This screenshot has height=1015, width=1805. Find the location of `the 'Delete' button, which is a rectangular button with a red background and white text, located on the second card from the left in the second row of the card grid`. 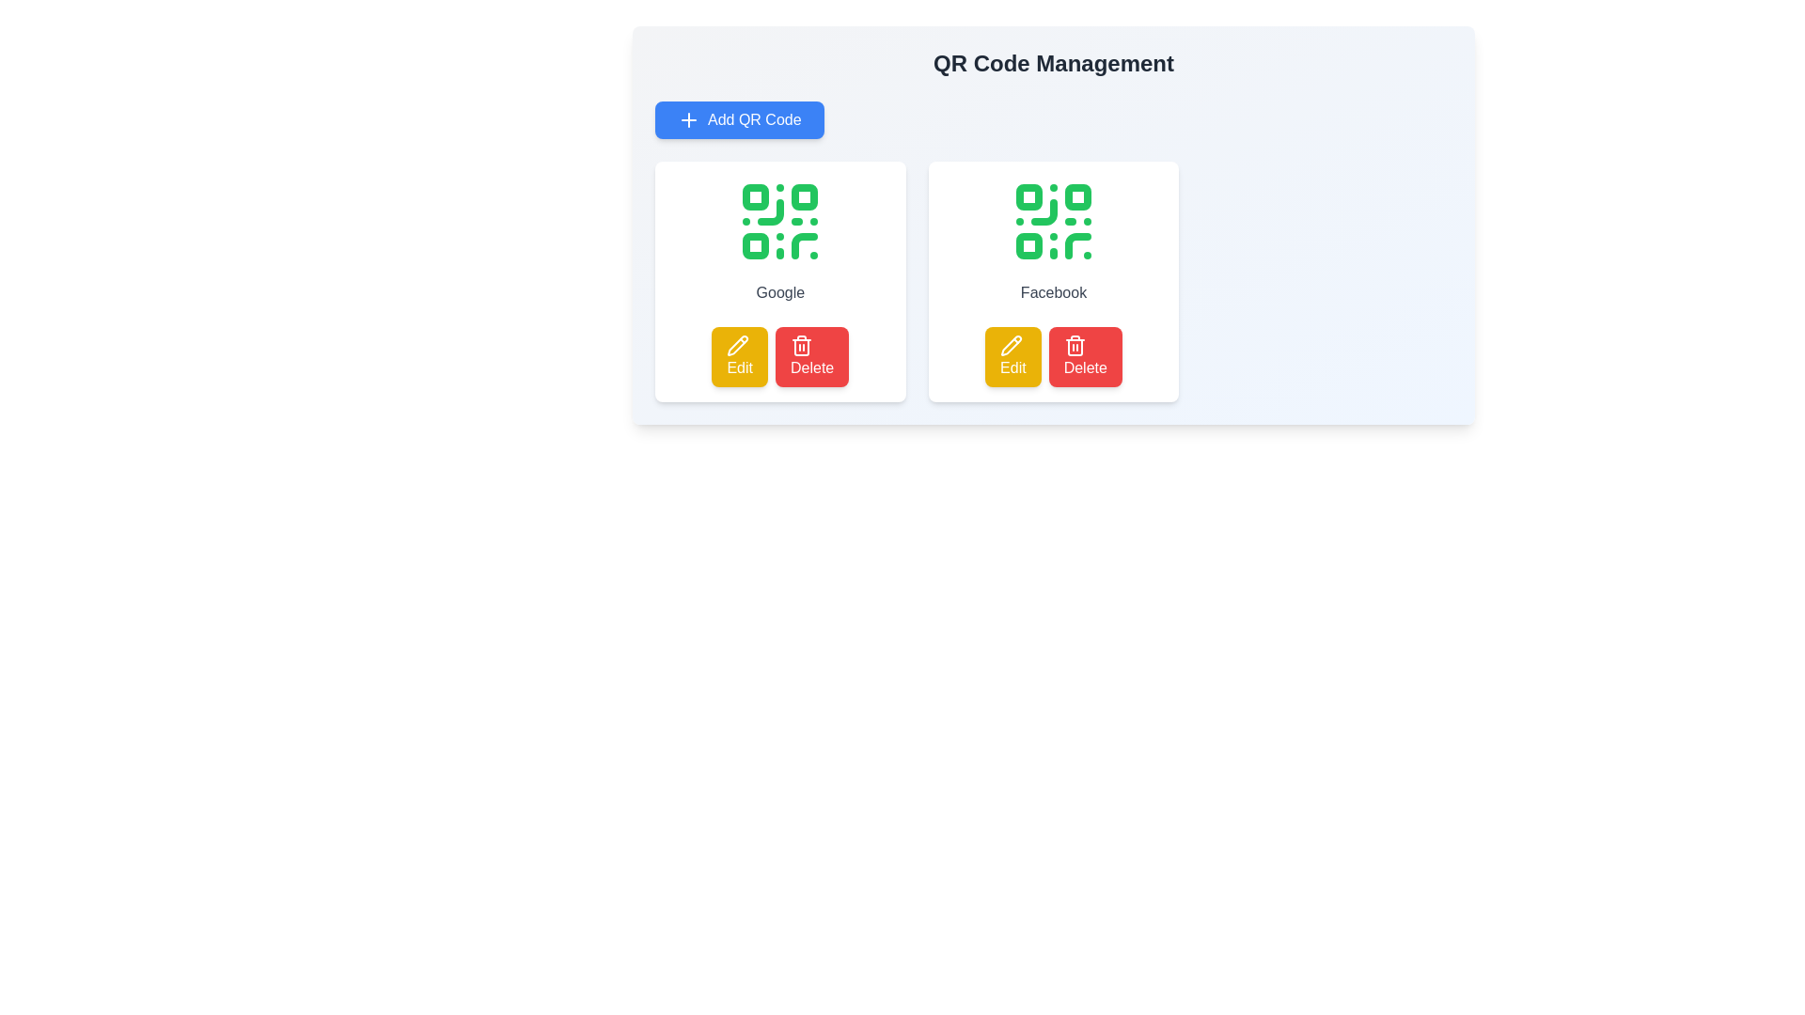

the 'Delete' button, which is a rectangular button with a red background and white text, located on the second card from the left in the second row of the card grid is located at coordinates (1085, 357).